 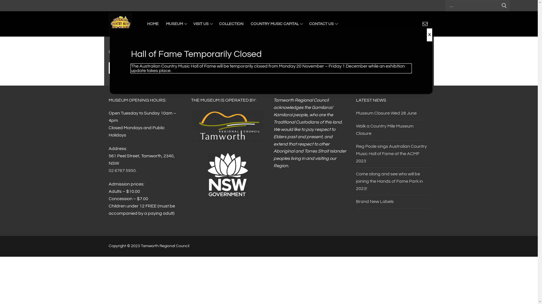 I want to click on 'Museum Closure Wed 28 June', so click(x=392, y=115).